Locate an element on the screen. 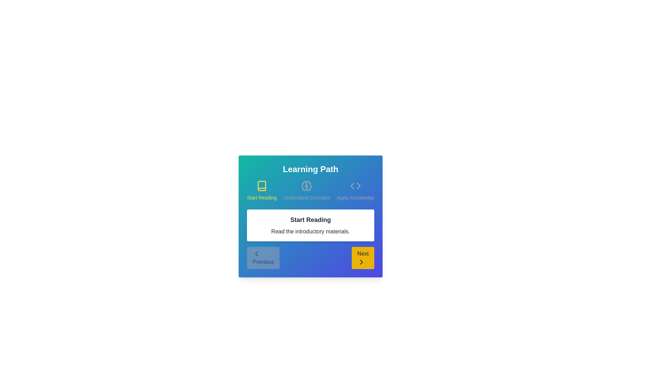 Image resolution: width=666 pixels, height=374 pixels. the icon representing the step Understand Concepts is located at coordinates (306, 185).